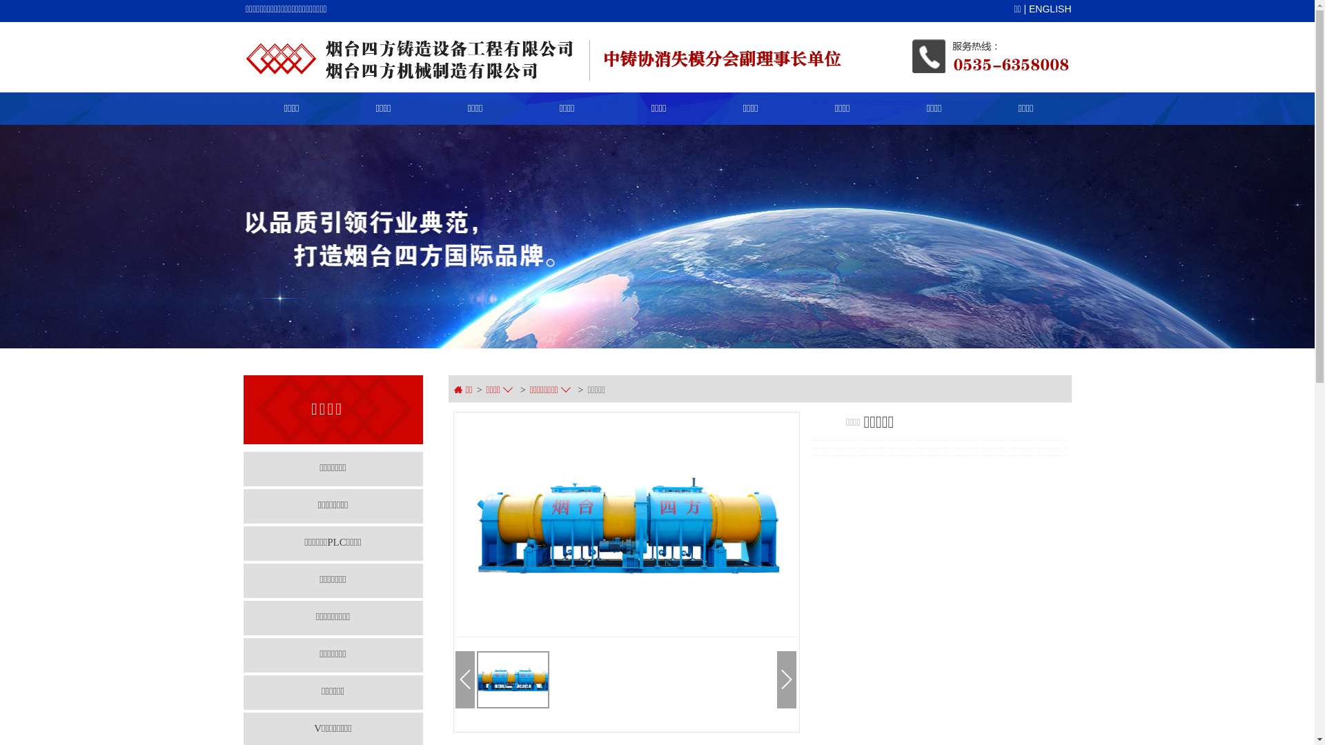  I want to click on 'ENGLISH', so click(1049, 8).